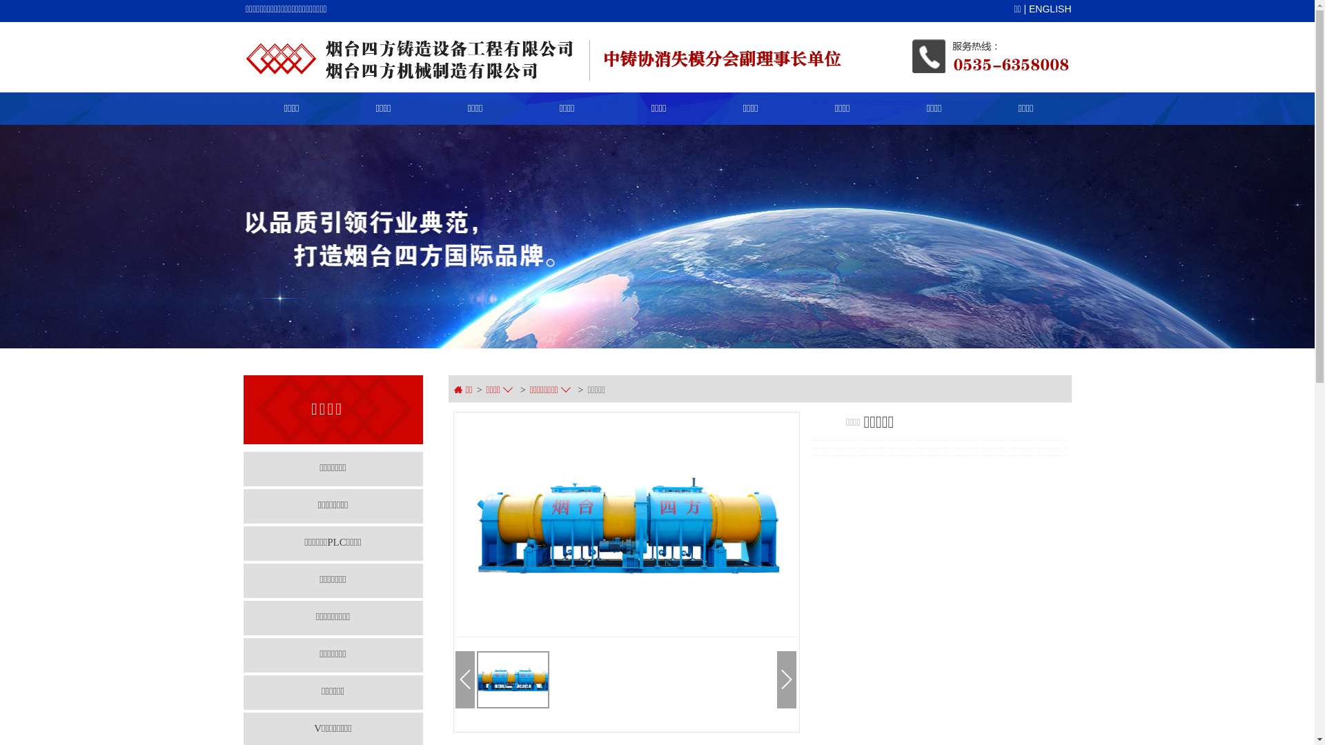  I want to click on 'ENGLISH', so click(1049, 8).